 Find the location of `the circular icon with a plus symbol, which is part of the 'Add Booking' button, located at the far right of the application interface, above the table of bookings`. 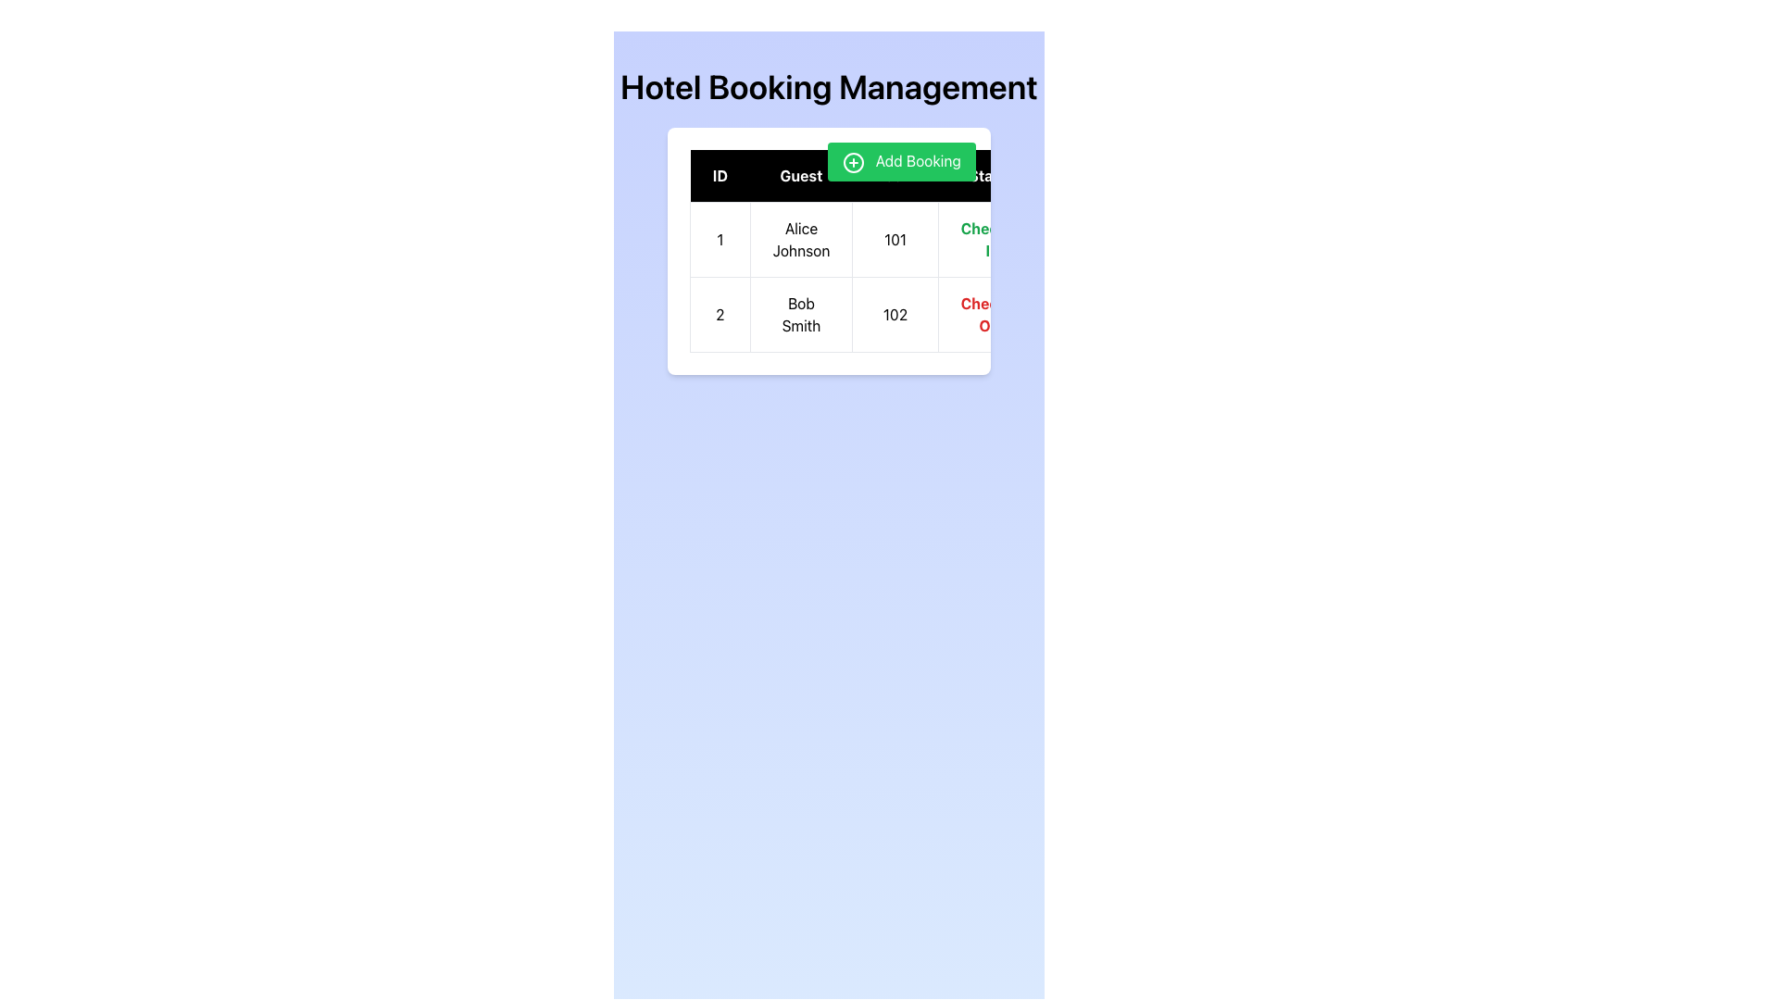

the circular icon with a plus symbol, which is part of the 'Add Booking' button, located at the far right of the application interface, above the table of bookings is located at coordinates (852, 161).